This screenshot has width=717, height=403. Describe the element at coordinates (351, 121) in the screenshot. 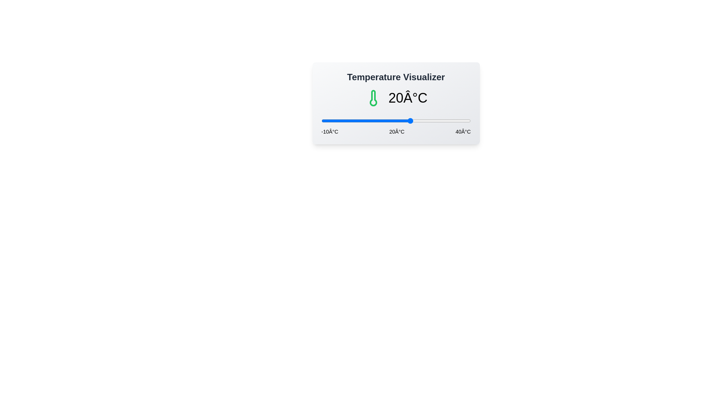

I see `the temperature to 0°C using the slider` at that location.